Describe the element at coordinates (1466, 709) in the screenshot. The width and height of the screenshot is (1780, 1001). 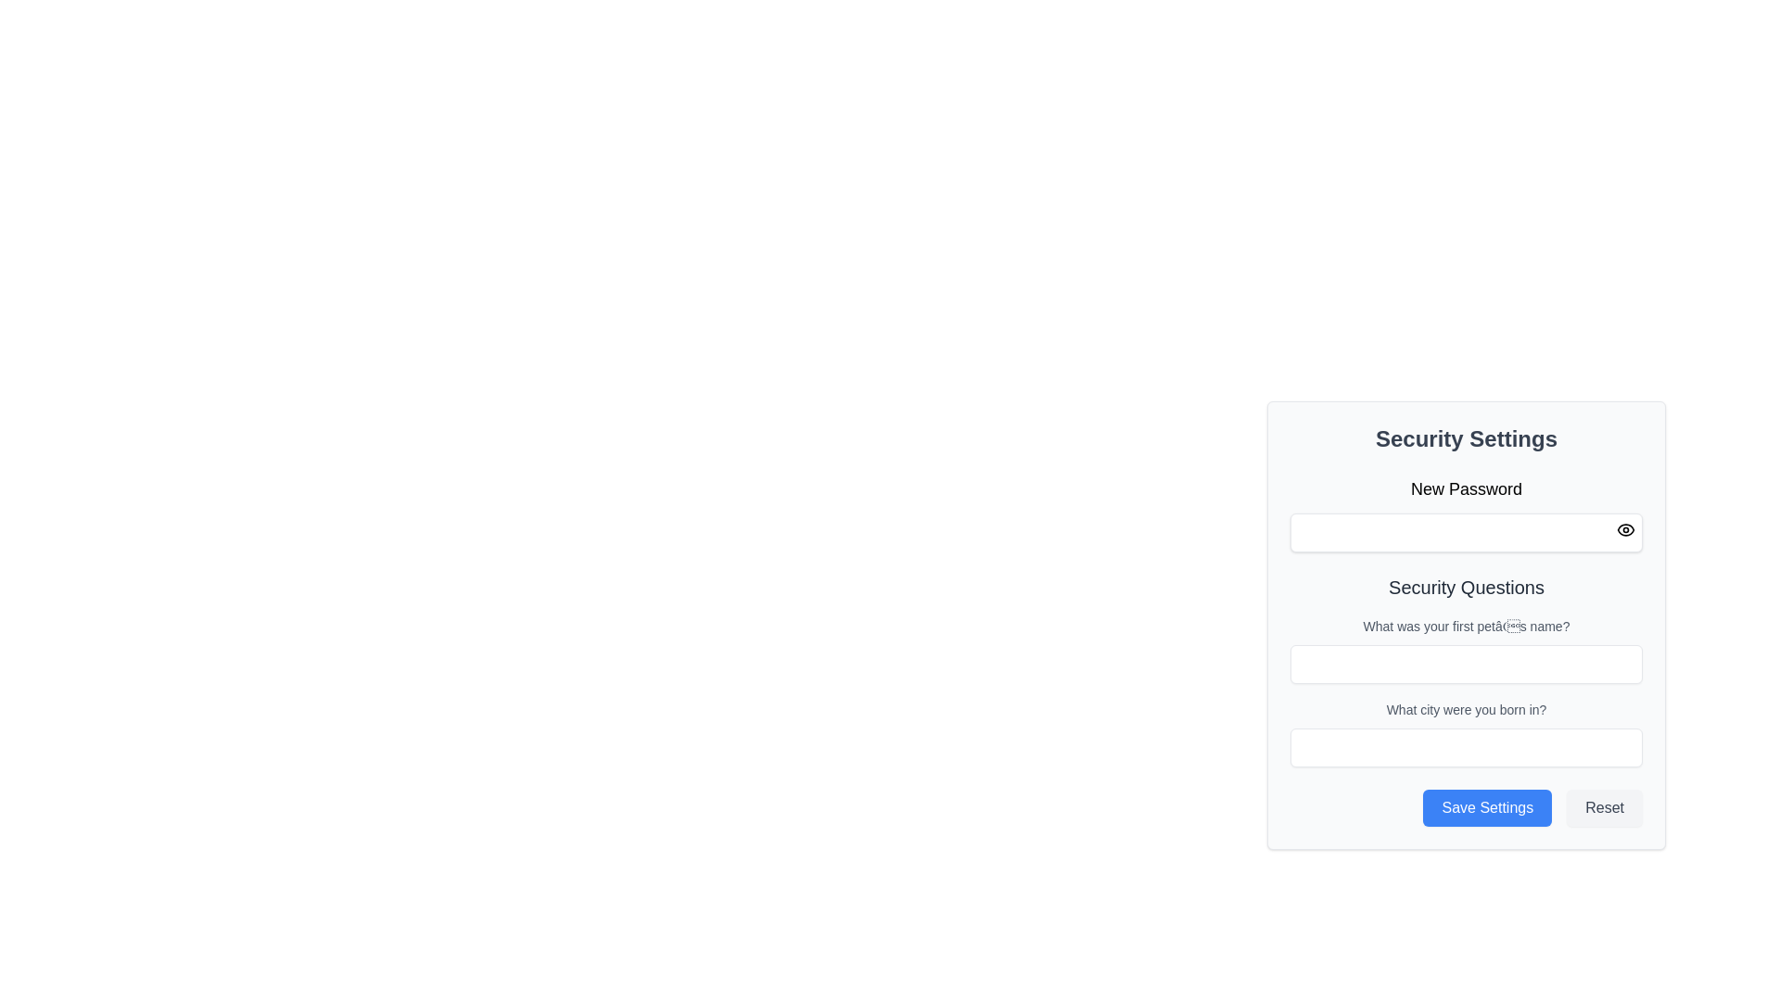
I see `the text label that reads 'What city were you born in?' located in the 'Security Questions' section, positioned above the input box` at that location.